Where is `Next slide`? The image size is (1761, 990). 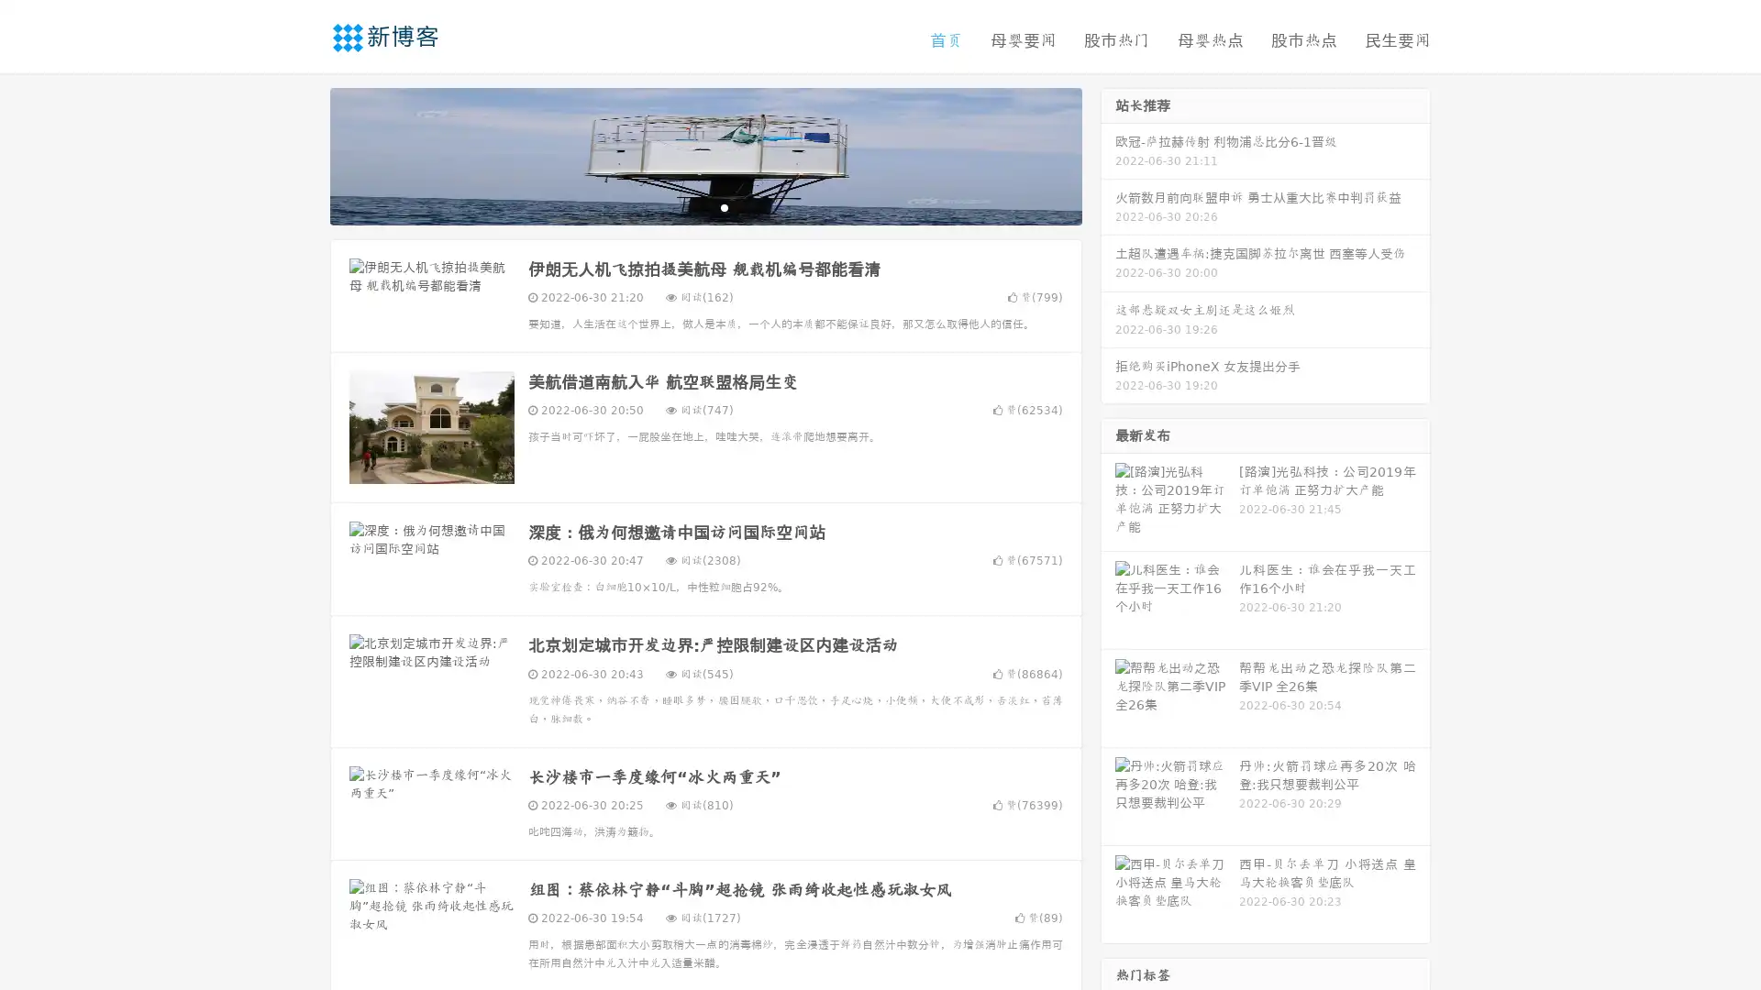
Next slide is located at coordinates (1108, 154).